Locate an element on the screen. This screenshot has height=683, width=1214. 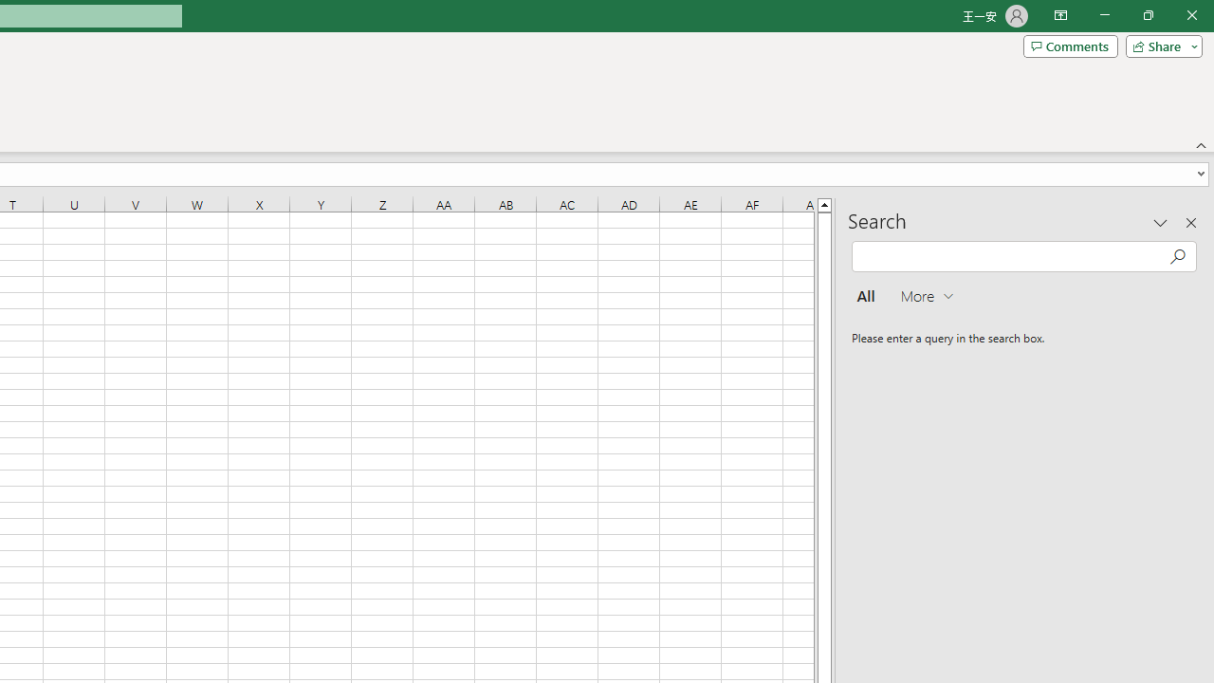
'Ribbon Display Options' is located at coordinates (1059, 15).